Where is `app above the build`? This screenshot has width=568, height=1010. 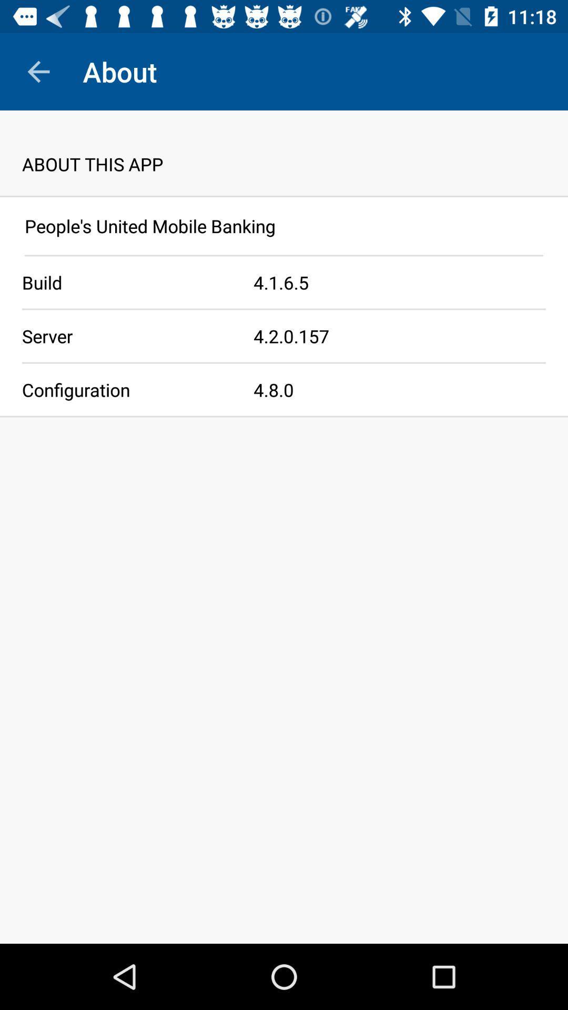
app above the build is located at coordinates (284, 255).